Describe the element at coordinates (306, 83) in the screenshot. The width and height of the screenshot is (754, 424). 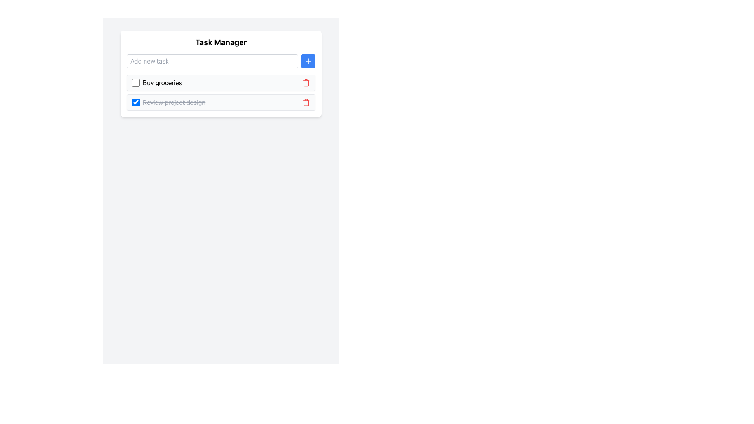
I see `the delete button icon located to the right of the 'Buy groceries' task` at that location.